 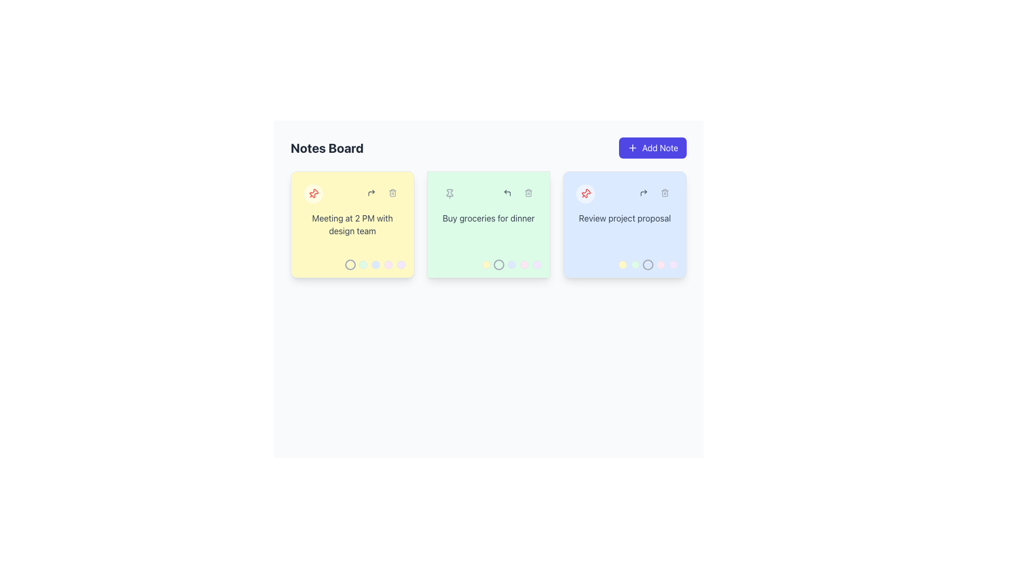 What do you see at coordinates (654, 193) in the screenshot?
I see `the action bar in the top-right corner of the note card titled 'Review project proposal'` at bounding box center [654, 193].